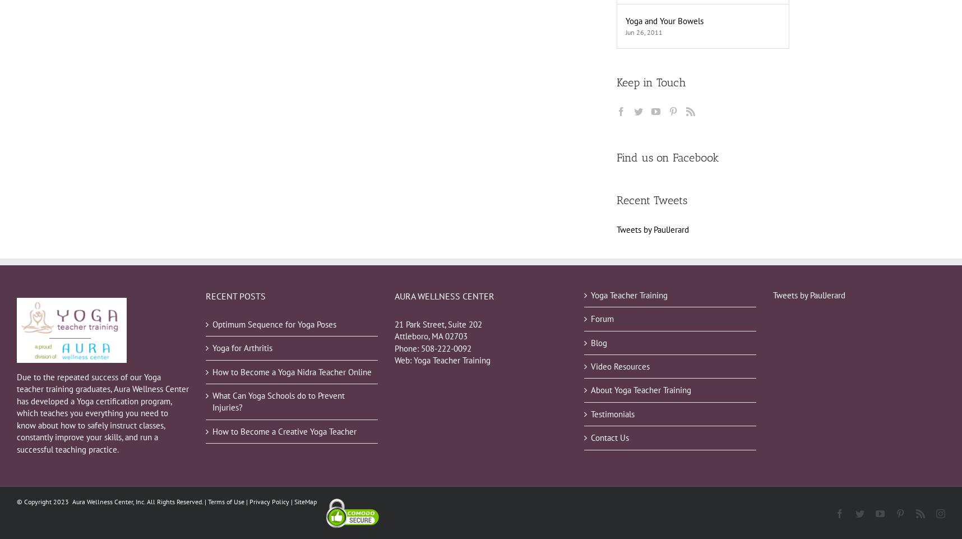  Describe the element at coordinates (446, 348) in the screenshot. I see `'508-222-0092'` at that location.